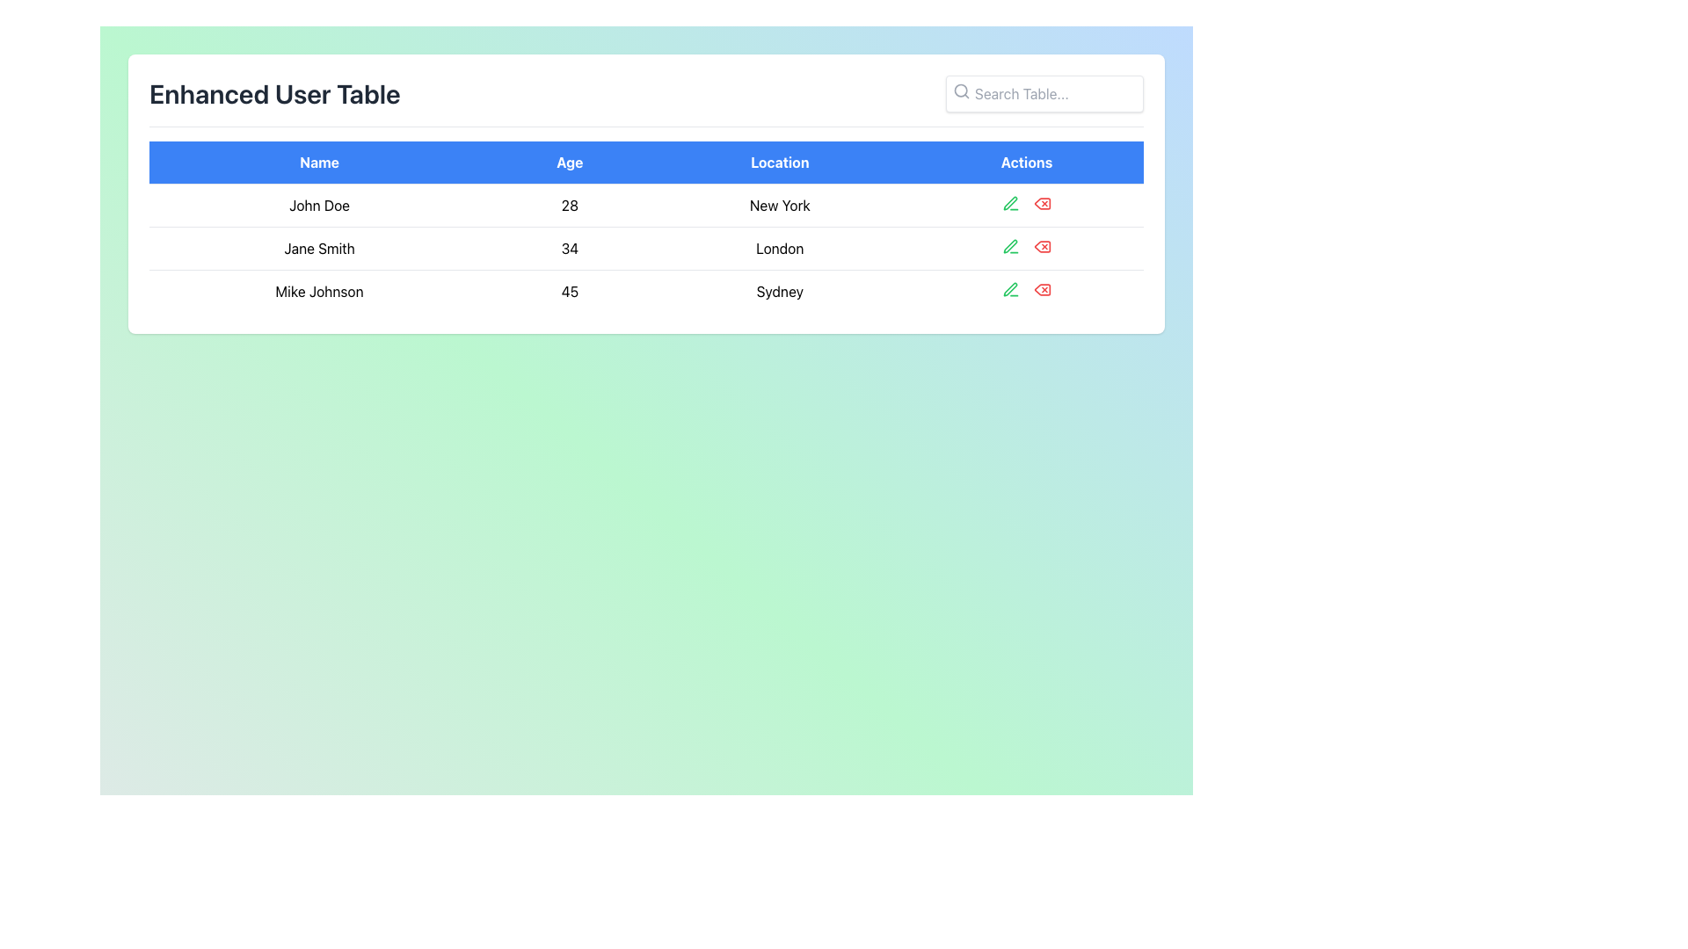 Image resolution: width=1688 pixels, height=949 pixels. I want to click on text displaying the name 'Mike Johnson' located in the third row, first column of the user details table, so click(319, 290).